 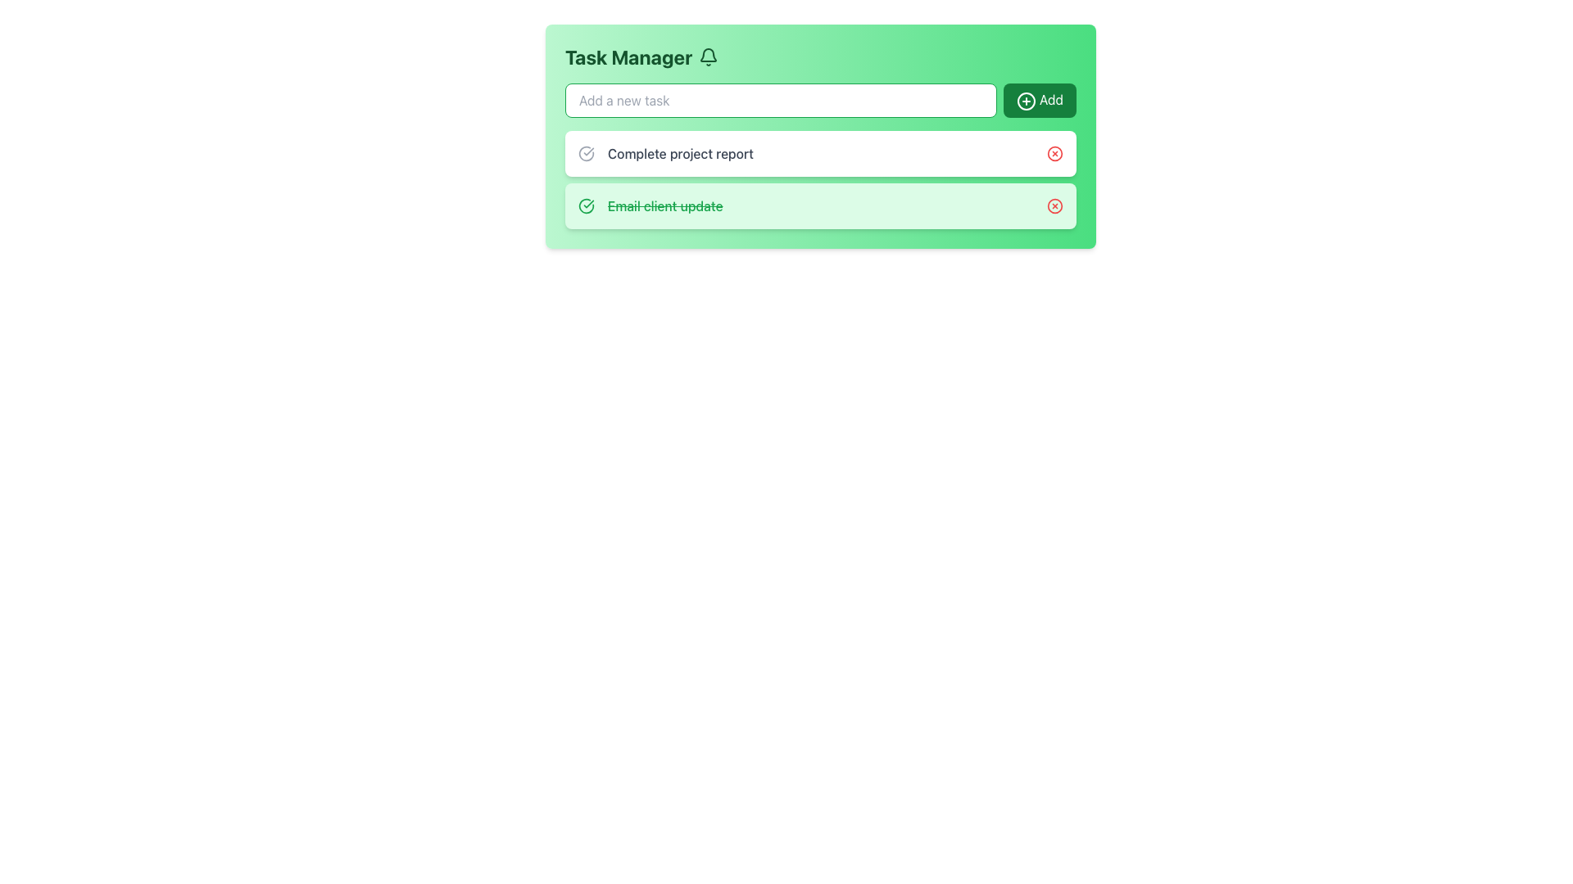 I want to click on the button located to the immediate right of the 'Add a new task' text input field, so click(x=1039, y=101).